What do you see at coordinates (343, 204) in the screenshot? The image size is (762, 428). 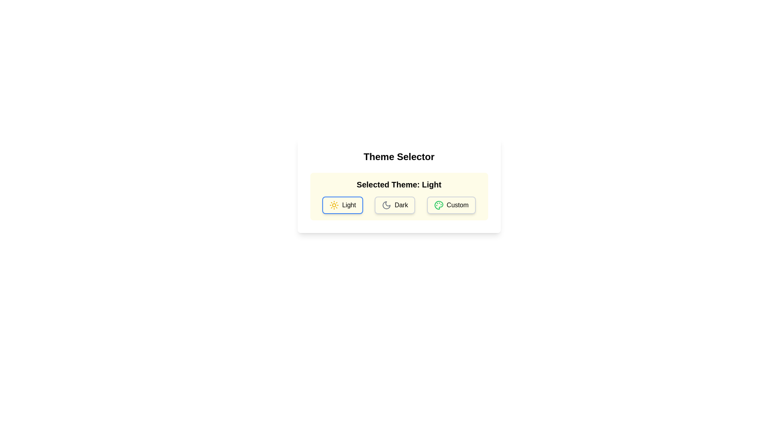 I see `the 'Light' theme selection button, which is the first button in a row of theme options located to the left of the 'Dark' and 'Custom' buttons` at bounding box center [343, 204].